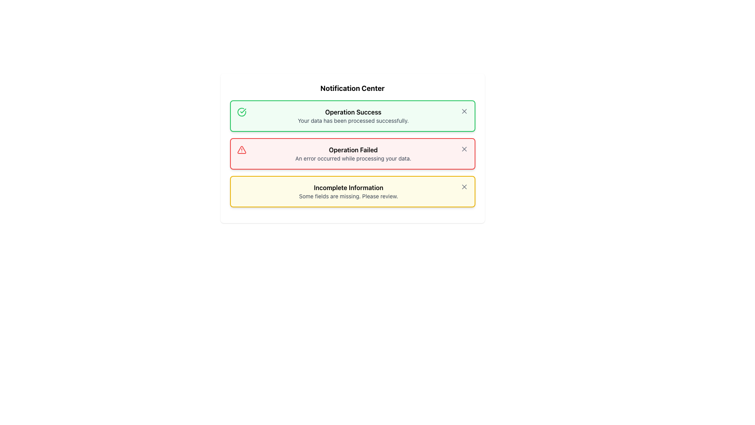 The width and height of the screenshot is (755, 425). I want to click on the error or warning icon located in the middle of the second notification box, which is positioned to the left of the notification's text content, so click(241, 150).